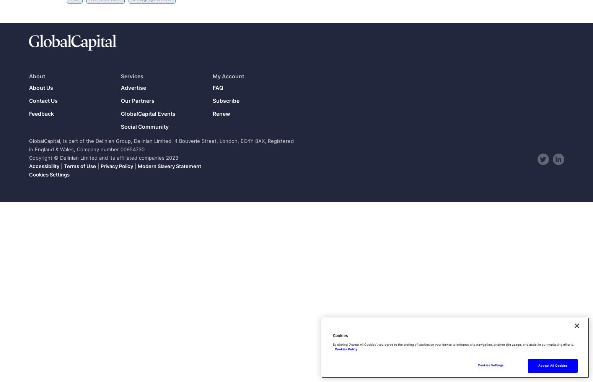 This screenshot has width=593, height=382. What do you see at coordinates (28, 145) in the screenshot?
I see `'GlobalCapital, is part of the Delinian Group, Delinian Limited, 4 Bouverie Street, London, EC4Y 8AX, Registered in England & Wales, Company number 00954730'` at bounding box center [28, 145].